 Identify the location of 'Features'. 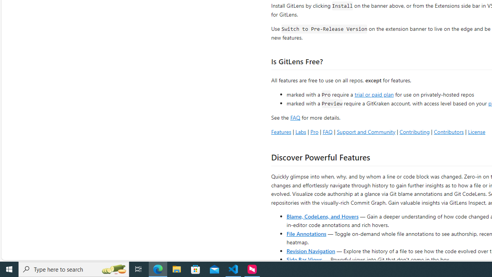
(281, 131).